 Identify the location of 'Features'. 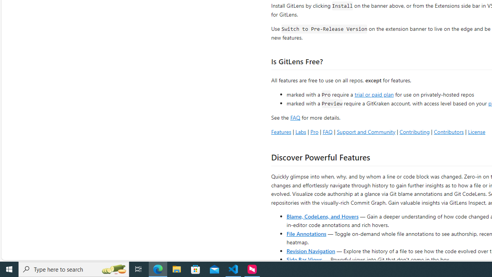
(281, 131).